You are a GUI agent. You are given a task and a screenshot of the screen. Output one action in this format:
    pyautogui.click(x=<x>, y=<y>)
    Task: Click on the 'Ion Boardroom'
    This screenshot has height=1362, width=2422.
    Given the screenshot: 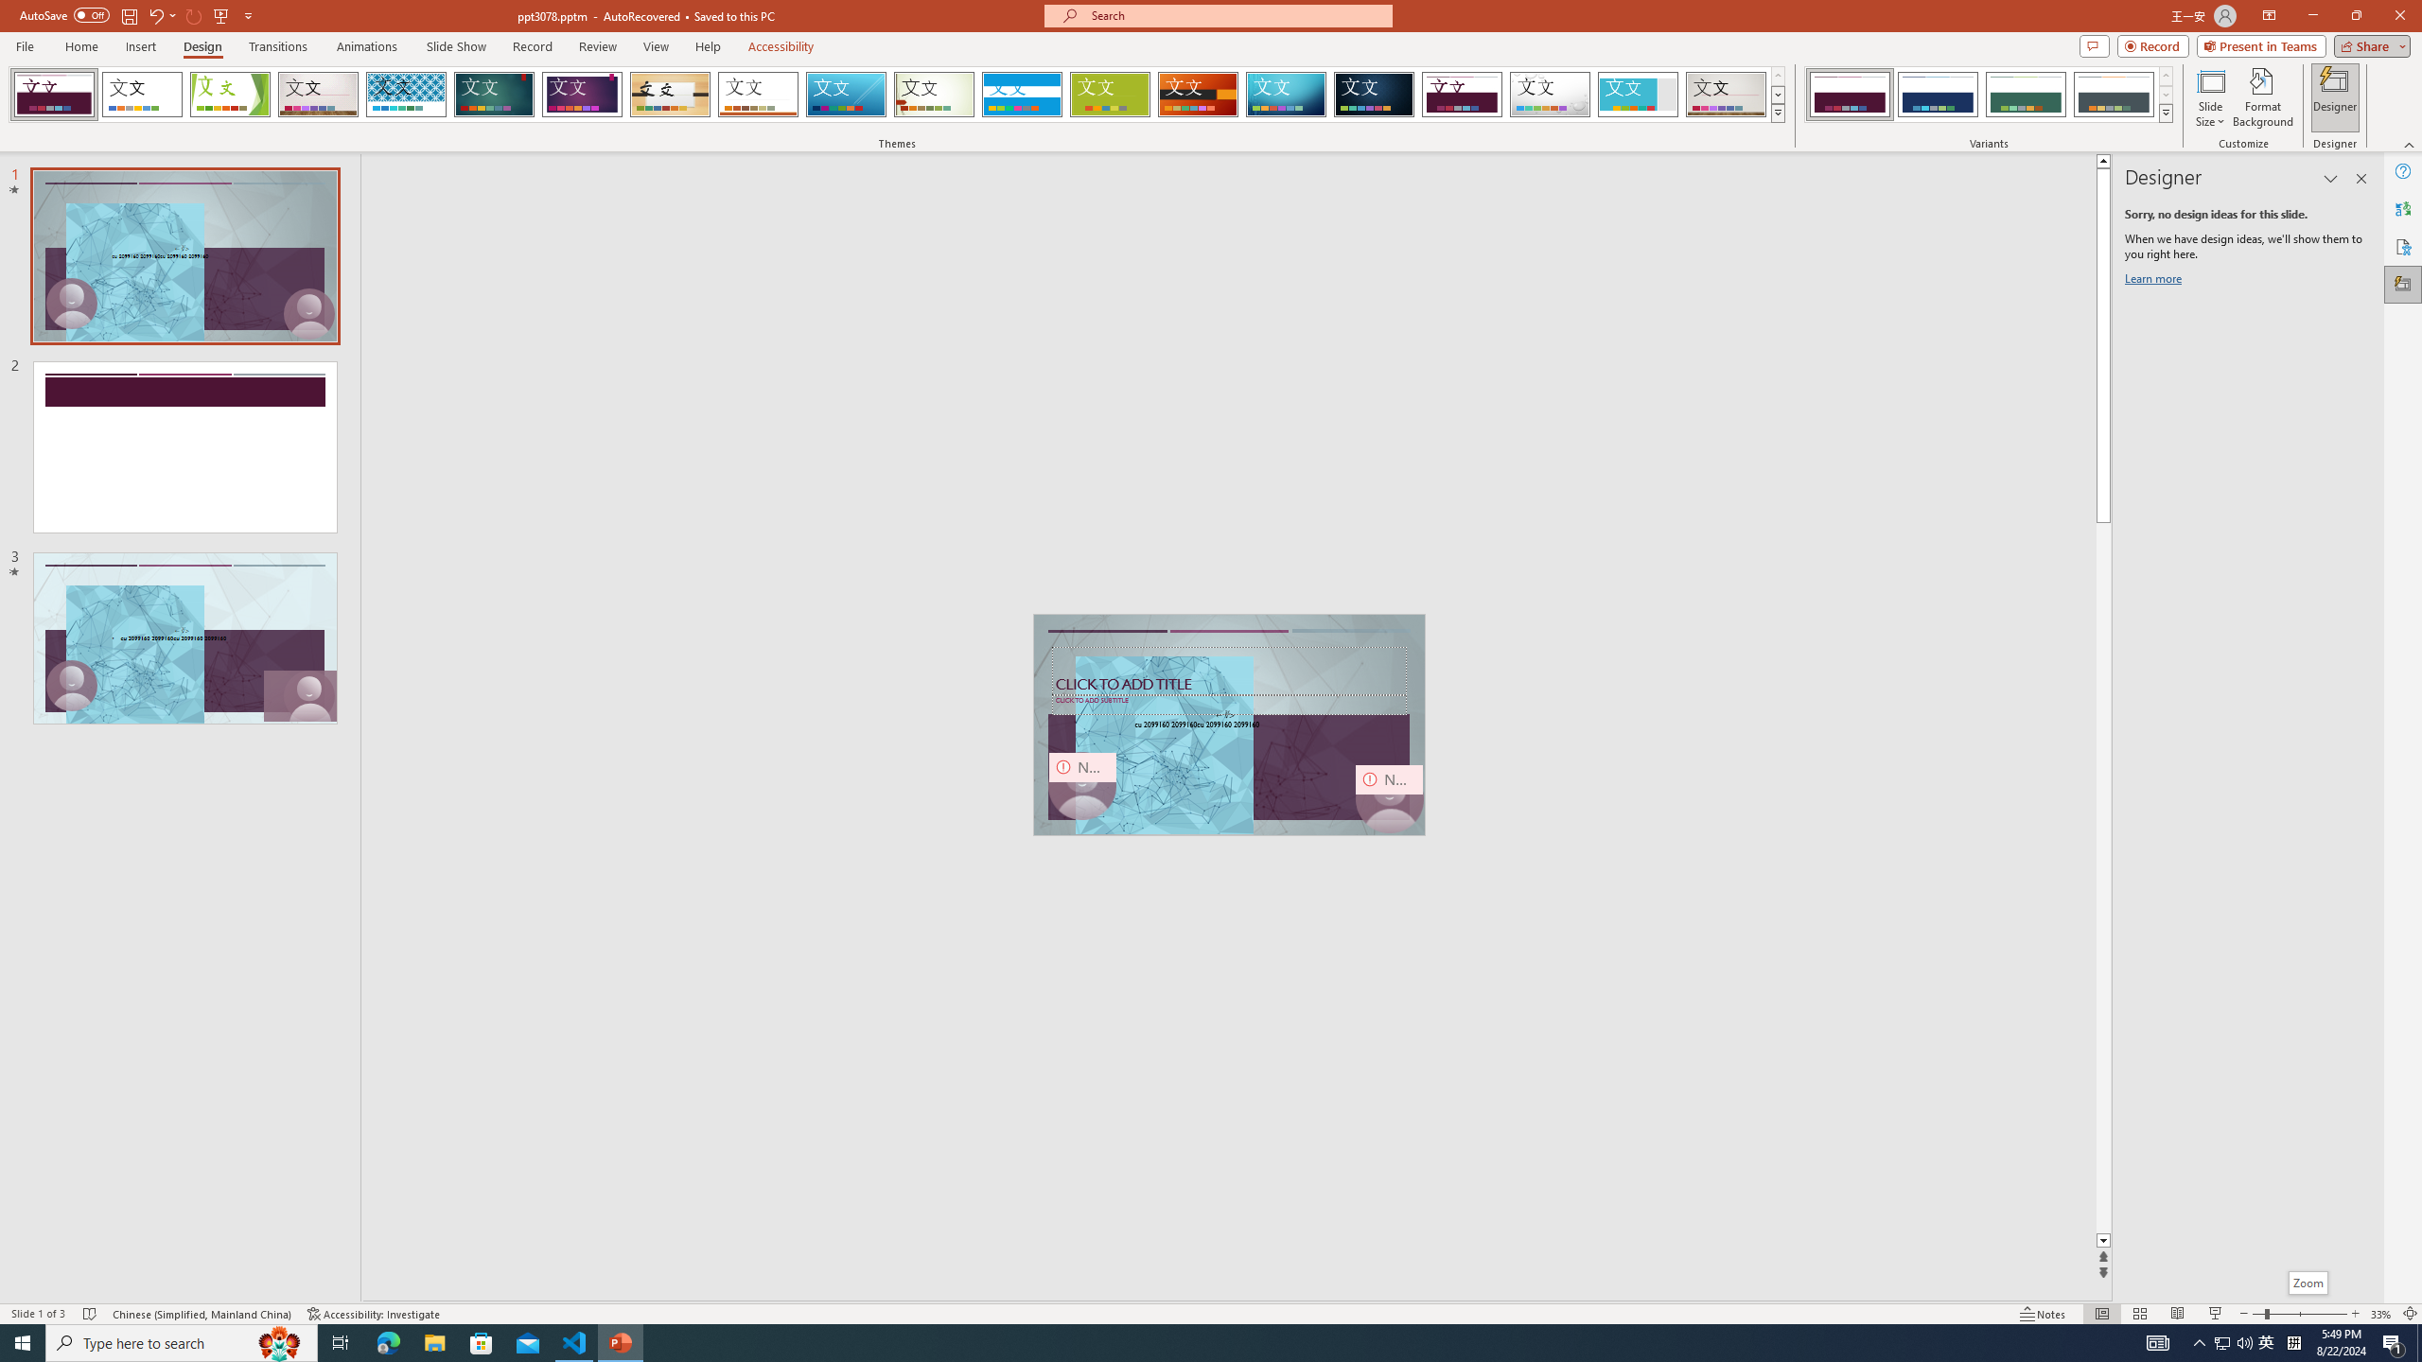 What is the action you would take?
    pyautogui.click(x=582, y=94)
    